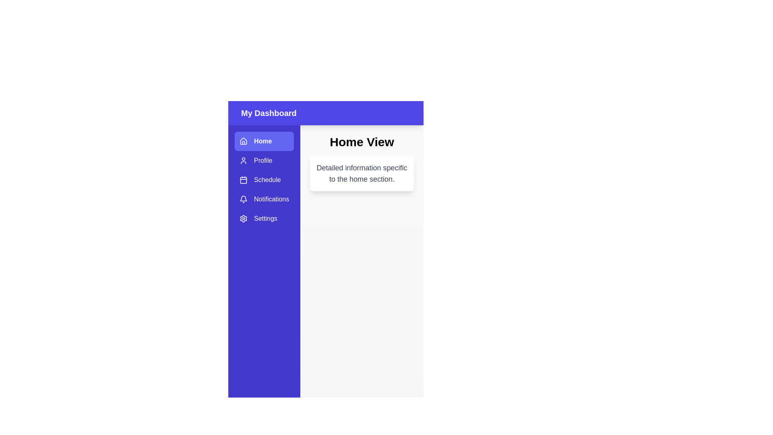 This screenshot has height=435, width=773. What do you see at coordinates (264, 141) in the screenshot?
I see `the tab Home in the sidebar menu` at bounding box center [264, 141].